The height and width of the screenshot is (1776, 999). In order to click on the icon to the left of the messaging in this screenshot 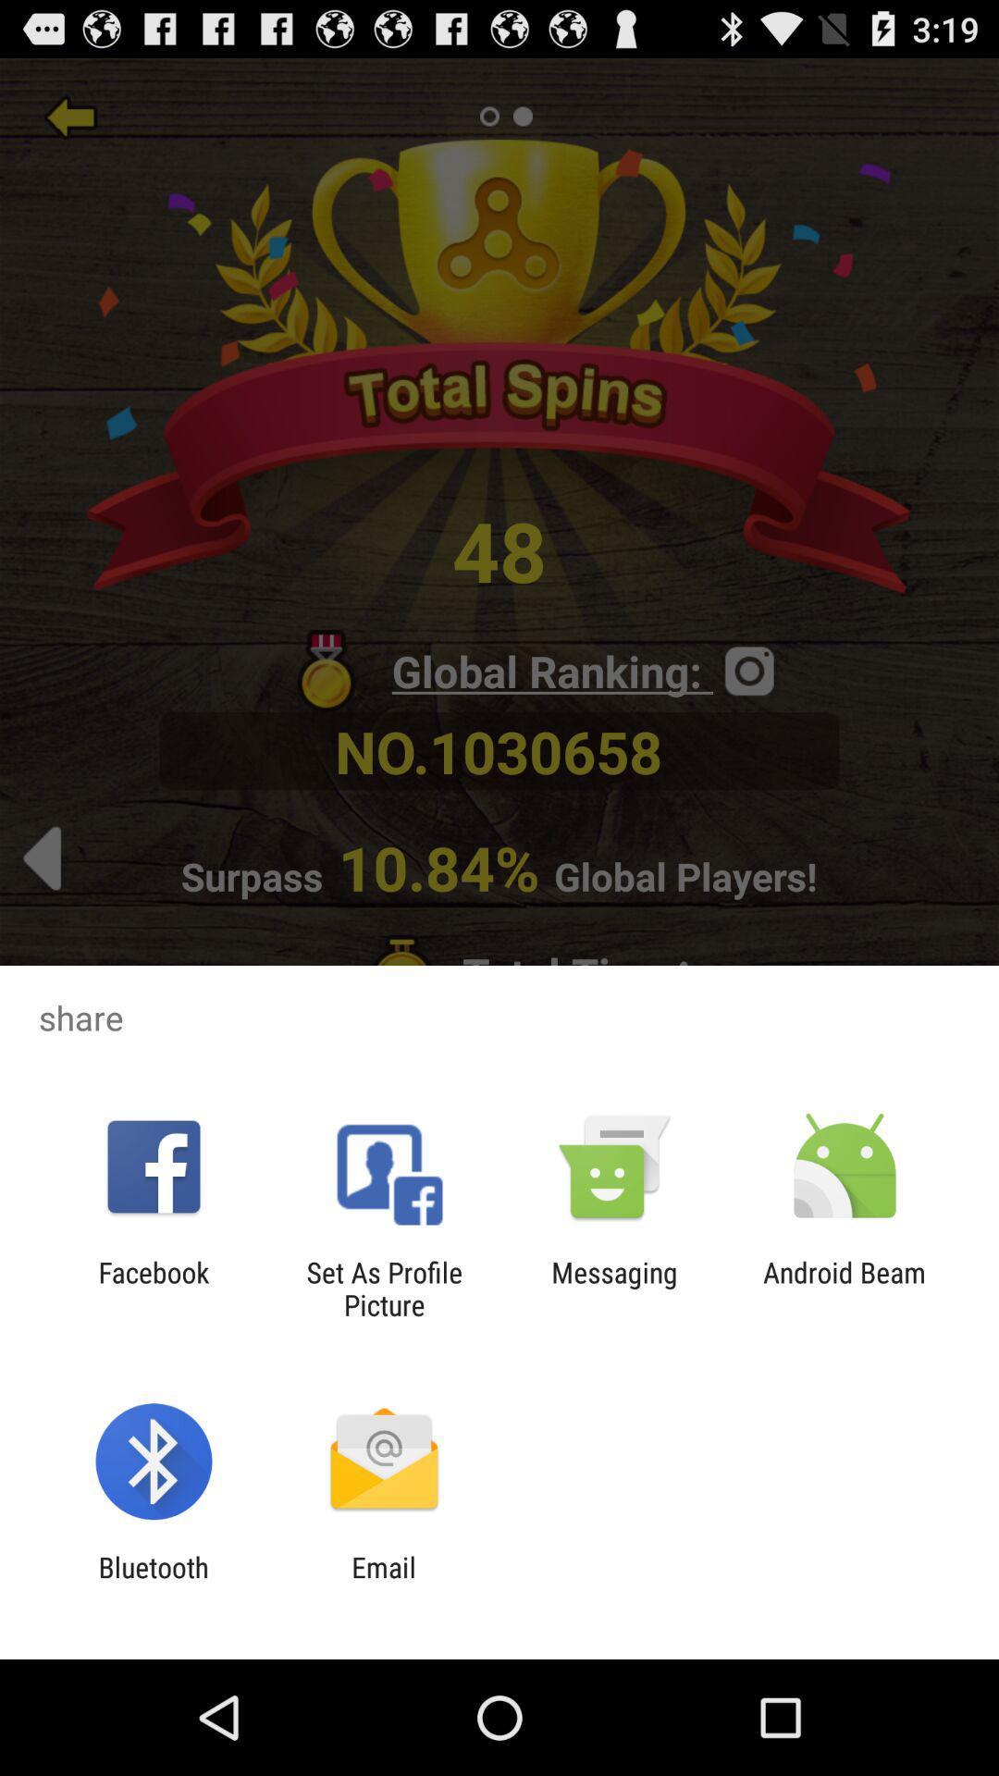, I will do `click(383, 1288)`.